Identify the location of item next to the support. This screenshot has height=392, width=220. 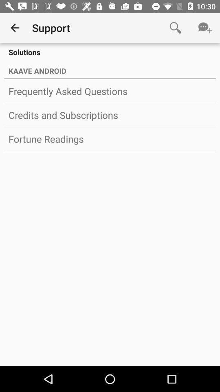
(15, 28).